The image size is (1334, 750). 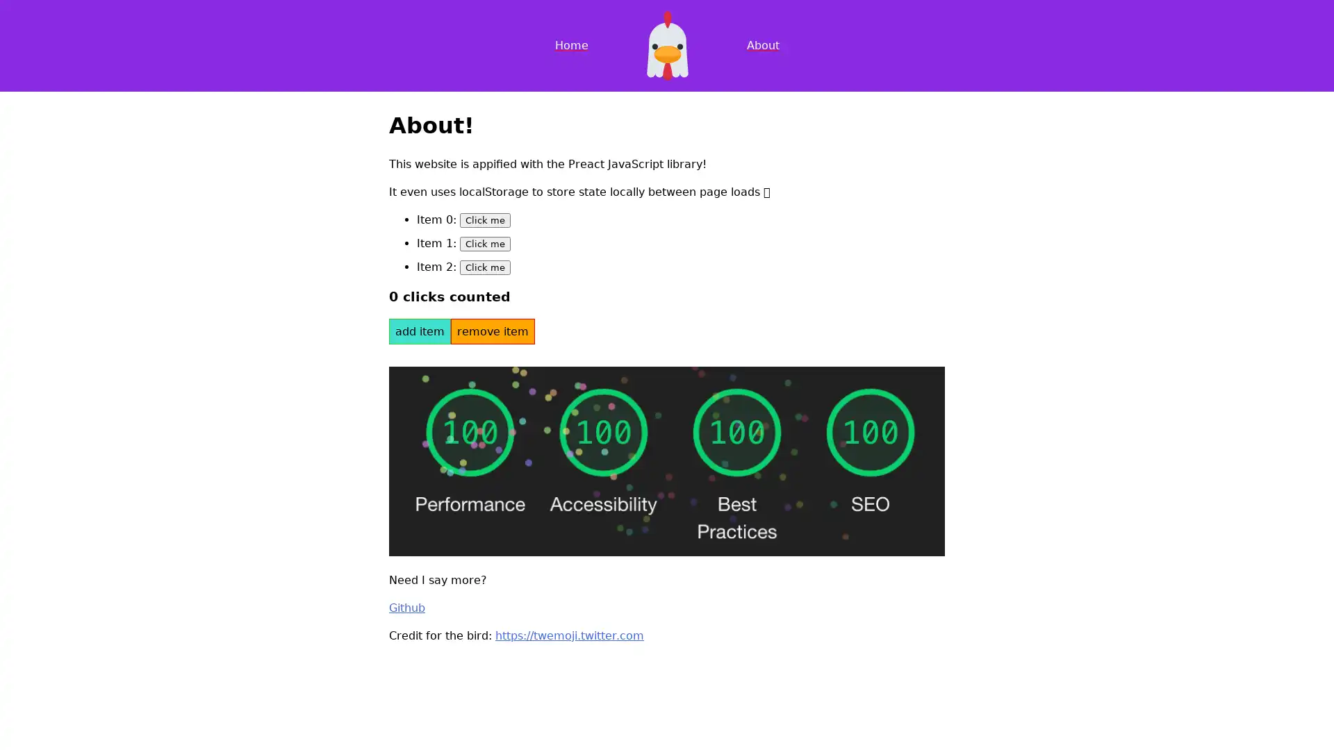 What do you see at coordinates (485, 267) in the screenshot?
I see `Click me` at bounding box center [485, 267].